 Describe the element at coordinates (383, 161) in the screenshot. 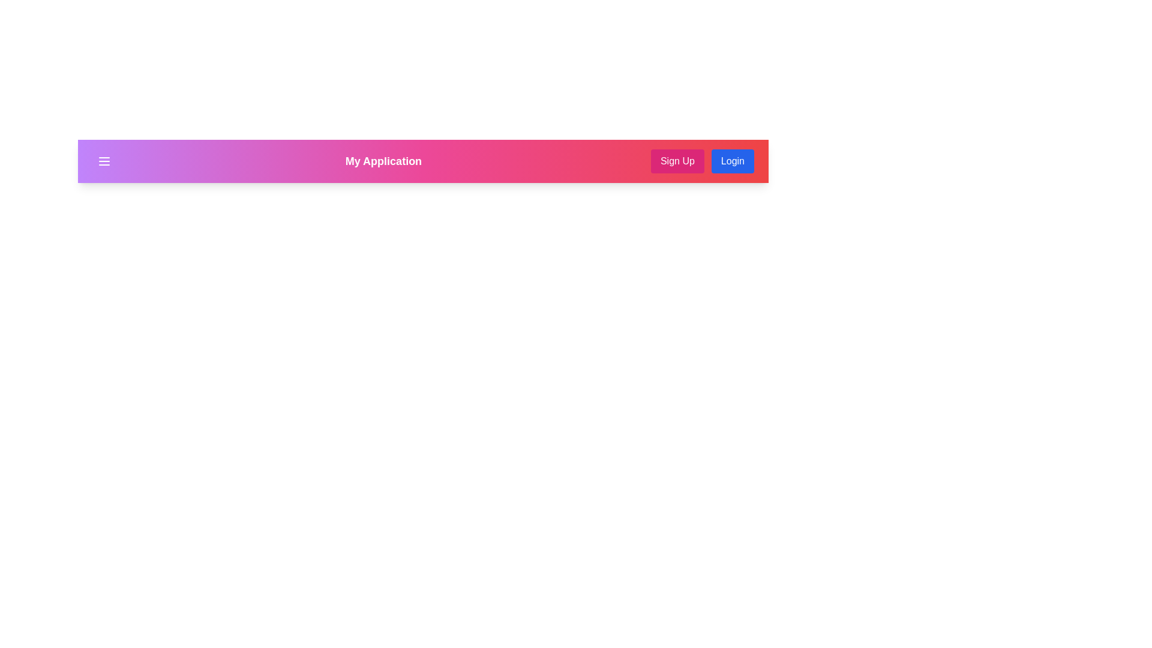

I see `the application title text to highlight it` at that location.